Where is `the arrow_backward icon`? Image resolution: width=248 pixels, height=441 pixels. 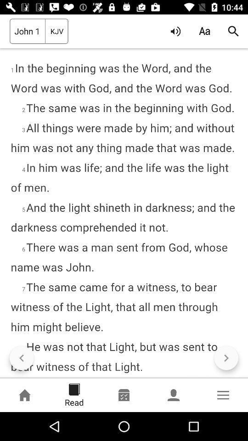 the arrow_backward icon is located at coordinates (22, 357).